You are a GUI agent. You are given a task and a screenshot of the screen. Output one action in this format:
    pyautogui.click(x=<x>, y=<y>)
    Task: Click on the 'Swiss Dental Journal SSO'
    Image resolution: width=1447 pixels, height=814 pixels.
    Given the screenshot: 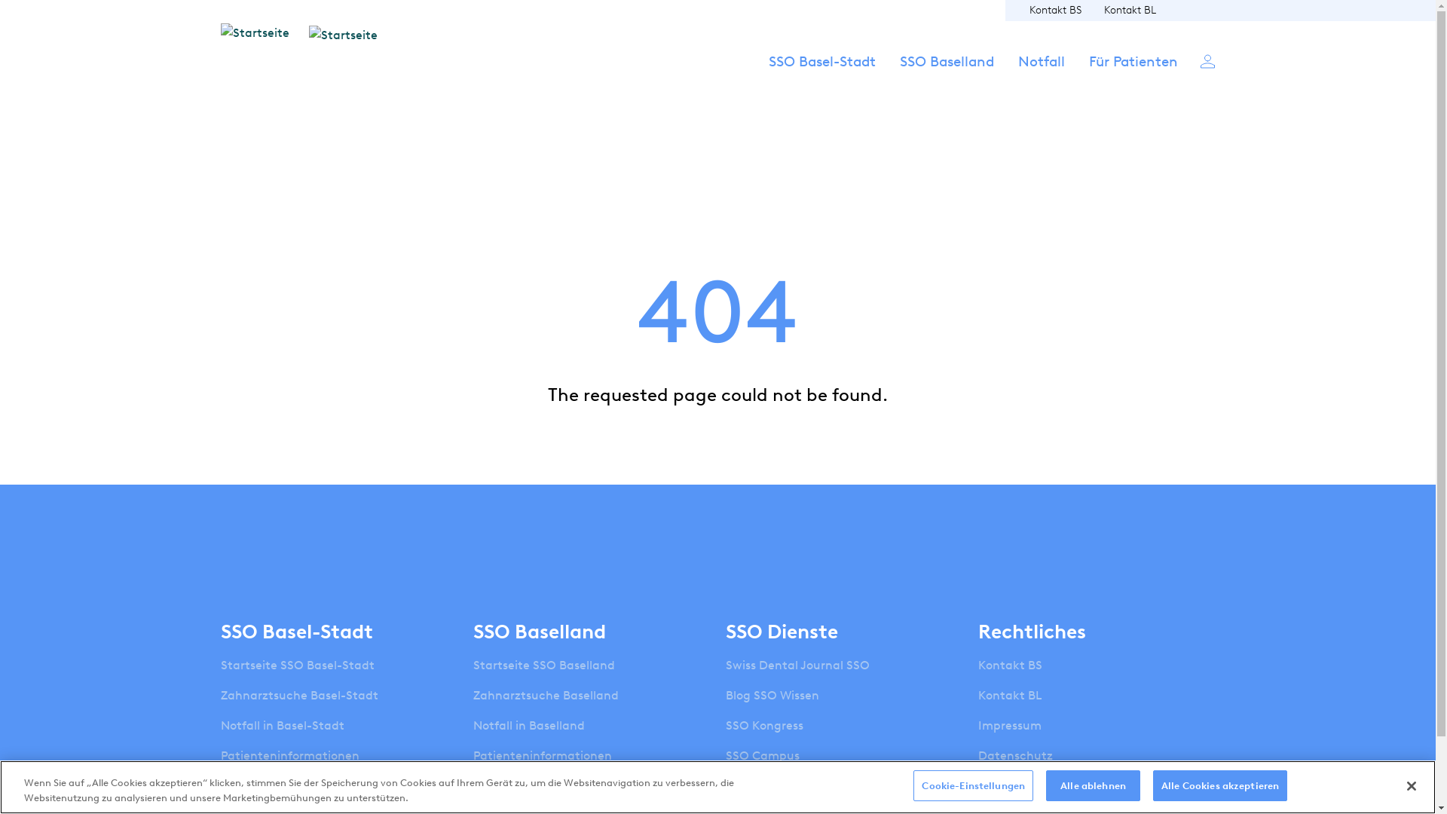 What is the action you would take?
    pyautogui.click(x=797, y=665)
    